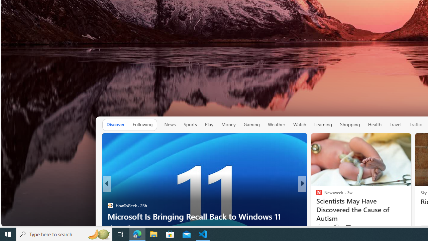  I want to click on 'View comments 3 Comment', so click(346, 228).